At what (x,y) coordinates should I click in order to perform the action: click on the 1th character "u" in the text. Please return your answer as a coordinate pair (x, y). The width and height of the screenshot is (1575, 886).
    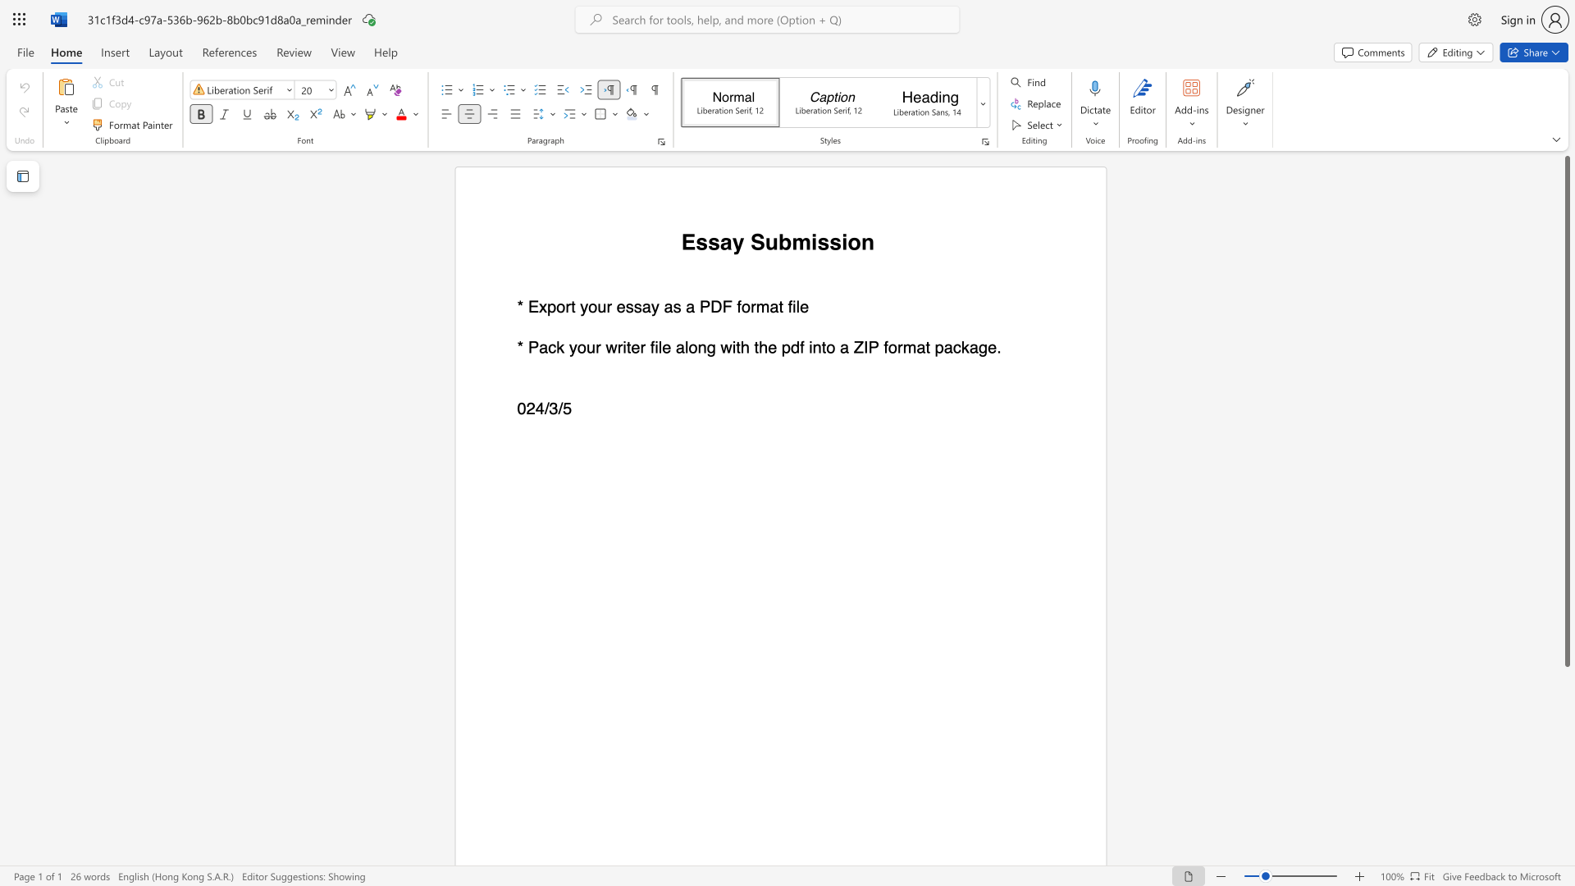
    Looking at the image, I should click on (600, 307).